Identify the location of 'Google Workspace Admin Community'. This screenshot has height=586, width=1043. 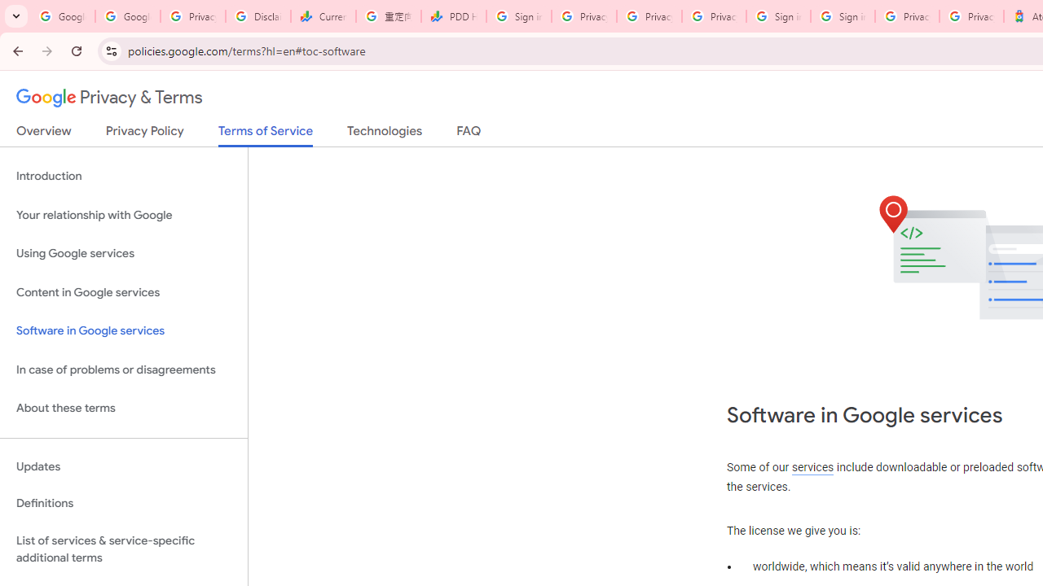
(62, 16).